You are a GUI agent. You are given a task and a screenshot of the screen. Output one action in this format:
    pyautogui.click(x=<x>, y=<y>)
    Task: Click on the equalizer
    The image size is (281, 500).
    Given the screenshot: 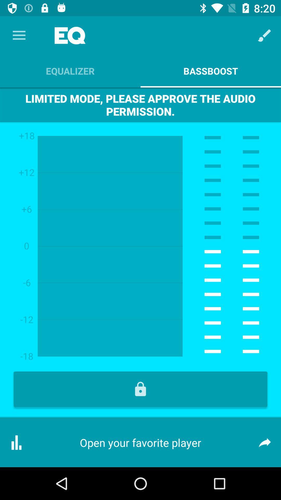 What is the action you would take?
    pyautogui.click(x=70, y=71)
    